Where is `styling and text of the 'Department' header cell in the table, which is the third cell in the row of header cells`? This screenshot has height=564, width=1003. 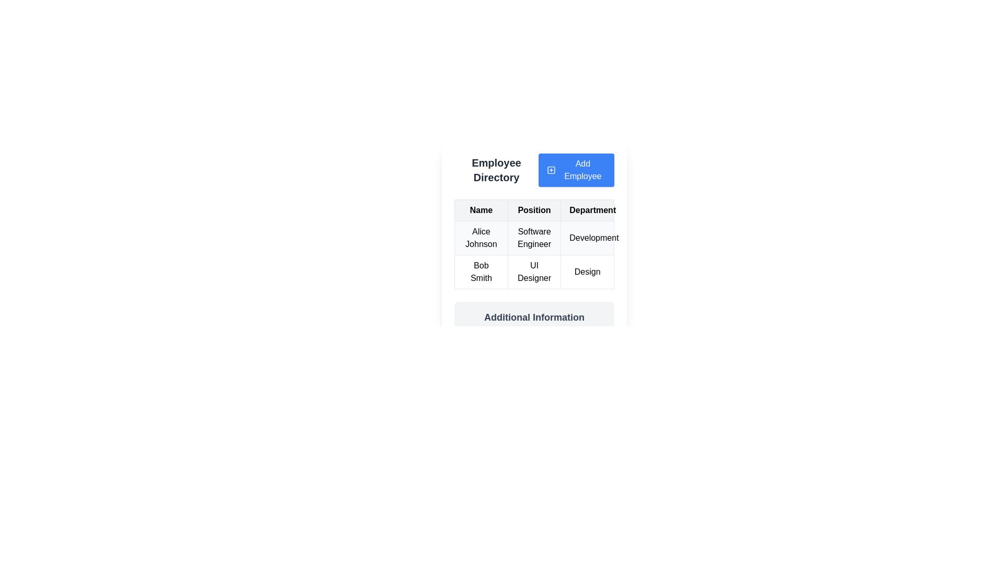
styling and text of the 'Department' header cell in the table, which is the third cell in the row of header cells is located at coordinates (587, 210).